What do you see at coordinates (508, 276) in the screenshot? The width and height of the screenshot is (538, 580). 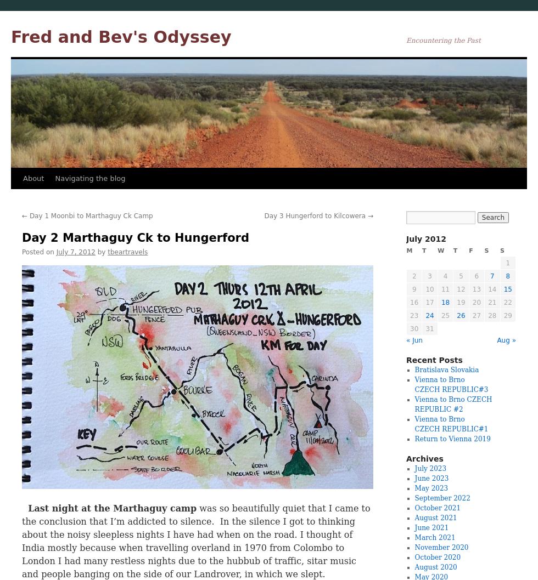 I see `'8'` at bounding box center [508, 276].